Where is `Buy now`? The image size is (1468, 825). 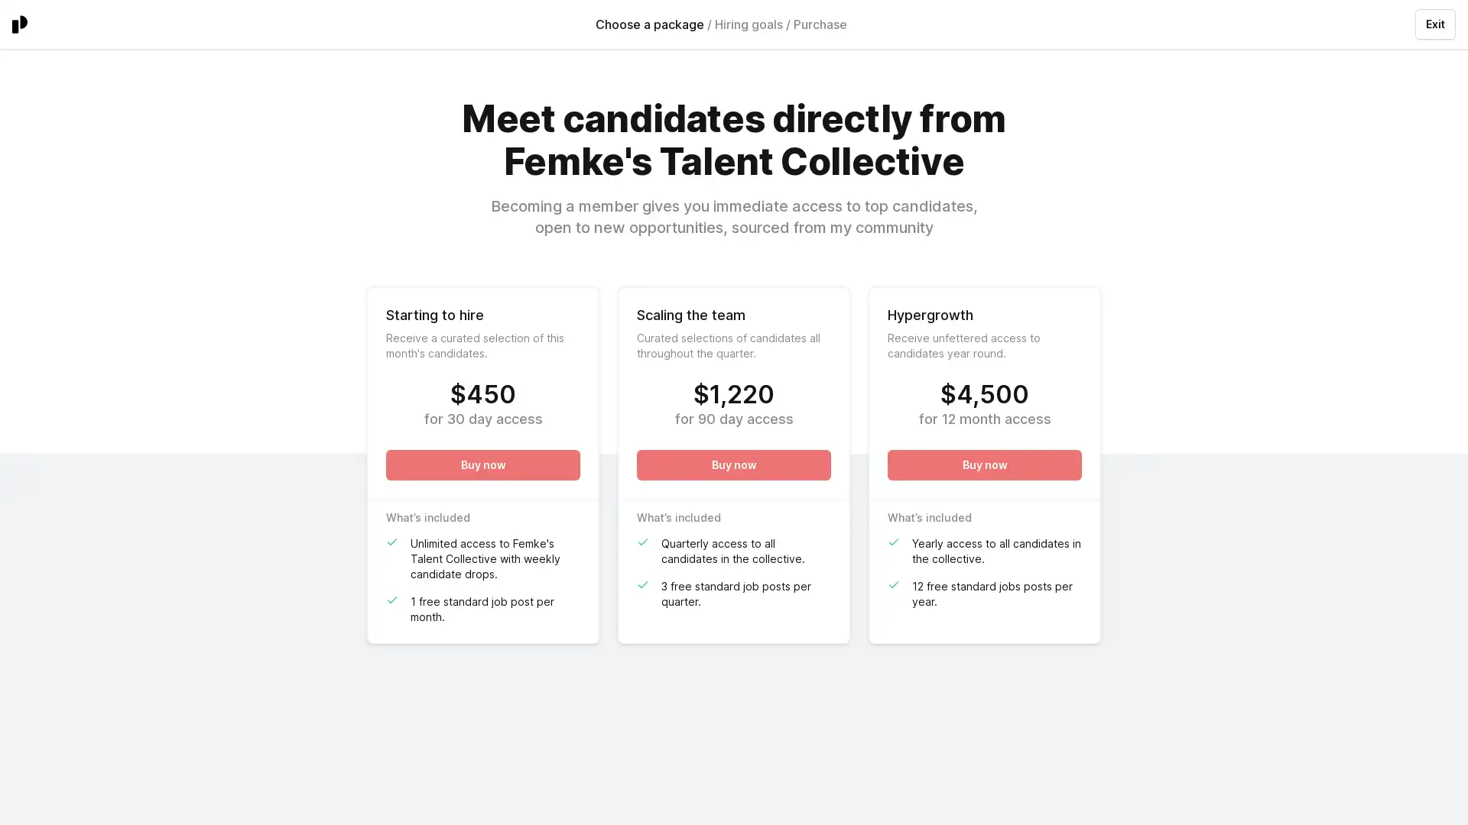 Buy now is located at coordinates (984, 464).